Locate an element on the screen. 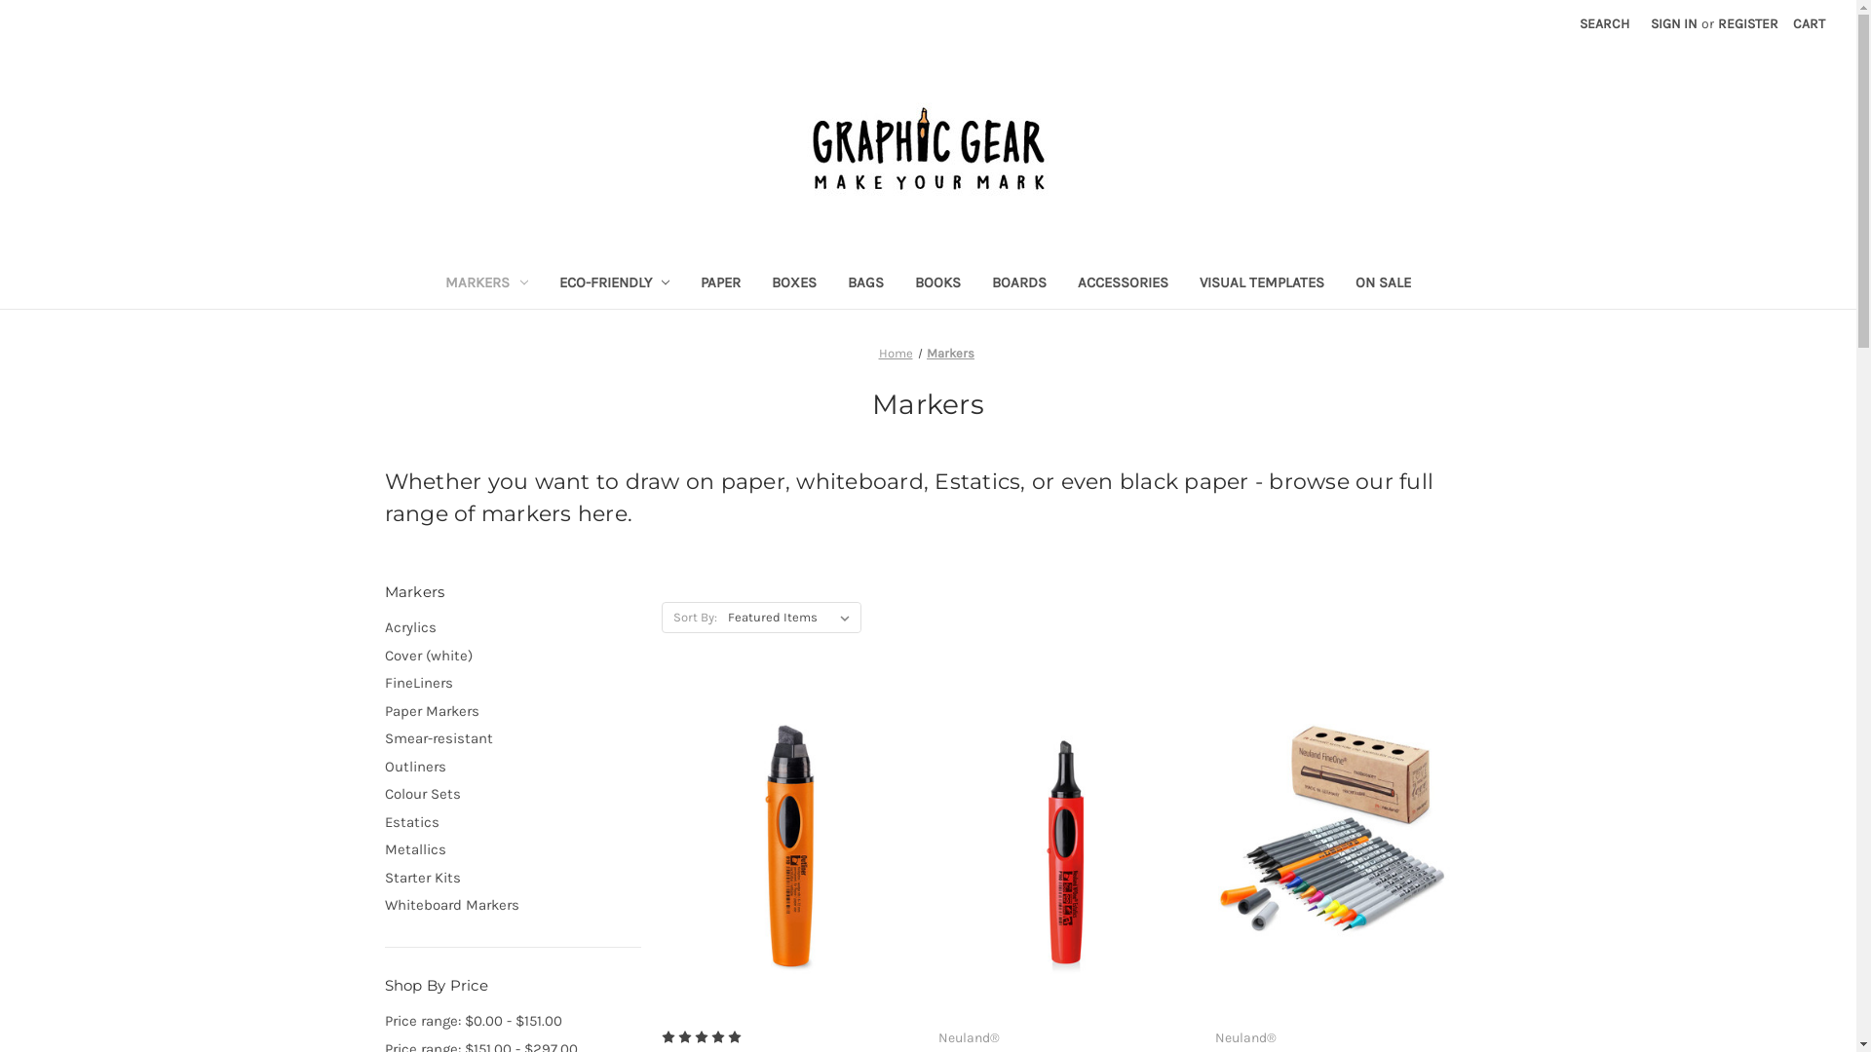  'ACCESSORIES' is located at coordinates (1060, 284).